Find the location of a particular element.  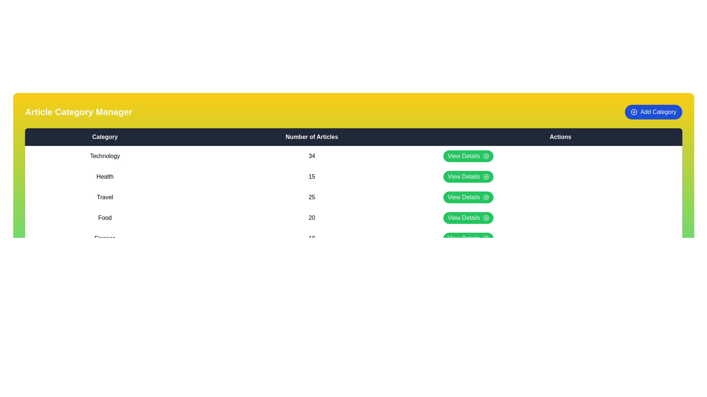

the category name Finance in the table is located at coordinates (105, 238).